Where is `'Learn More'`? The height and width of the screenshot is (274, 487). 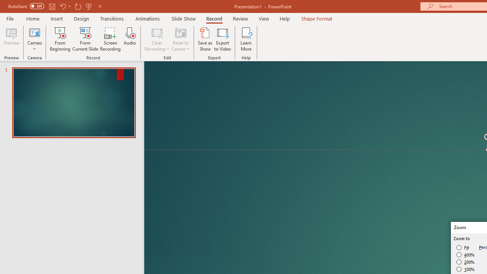 'Learn More' is located at coordinates (246, 39).